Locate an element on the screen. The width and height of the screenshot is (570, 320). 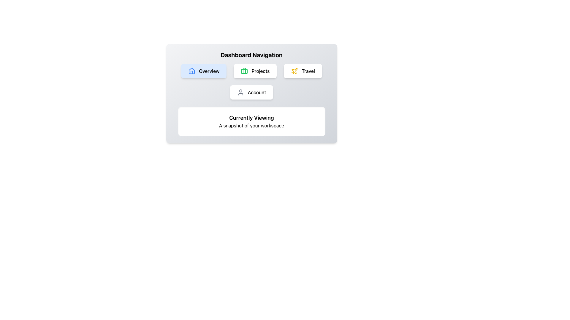
the 'Overview' icon located within the leftmost navigation button of the Dashboard Navigation section, which visually represents the overview concept is located at coordinates (192, 71).